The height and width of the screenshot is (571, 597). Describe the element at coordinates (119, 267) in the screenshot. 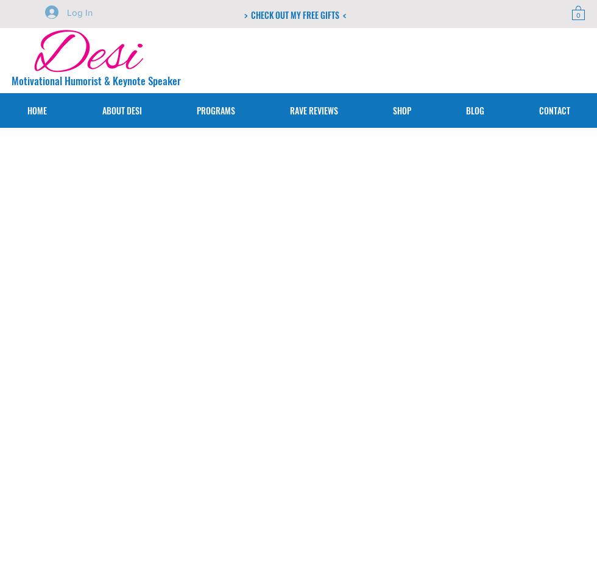

I see `'Welcome to DesiPayne.com !'` at that location.